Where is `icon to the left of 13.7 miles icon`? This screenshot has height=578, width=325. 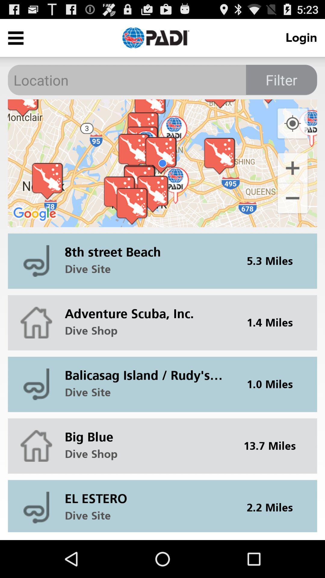
icon to the left of 13.7 miles icon is located at coordinates (147, 432).